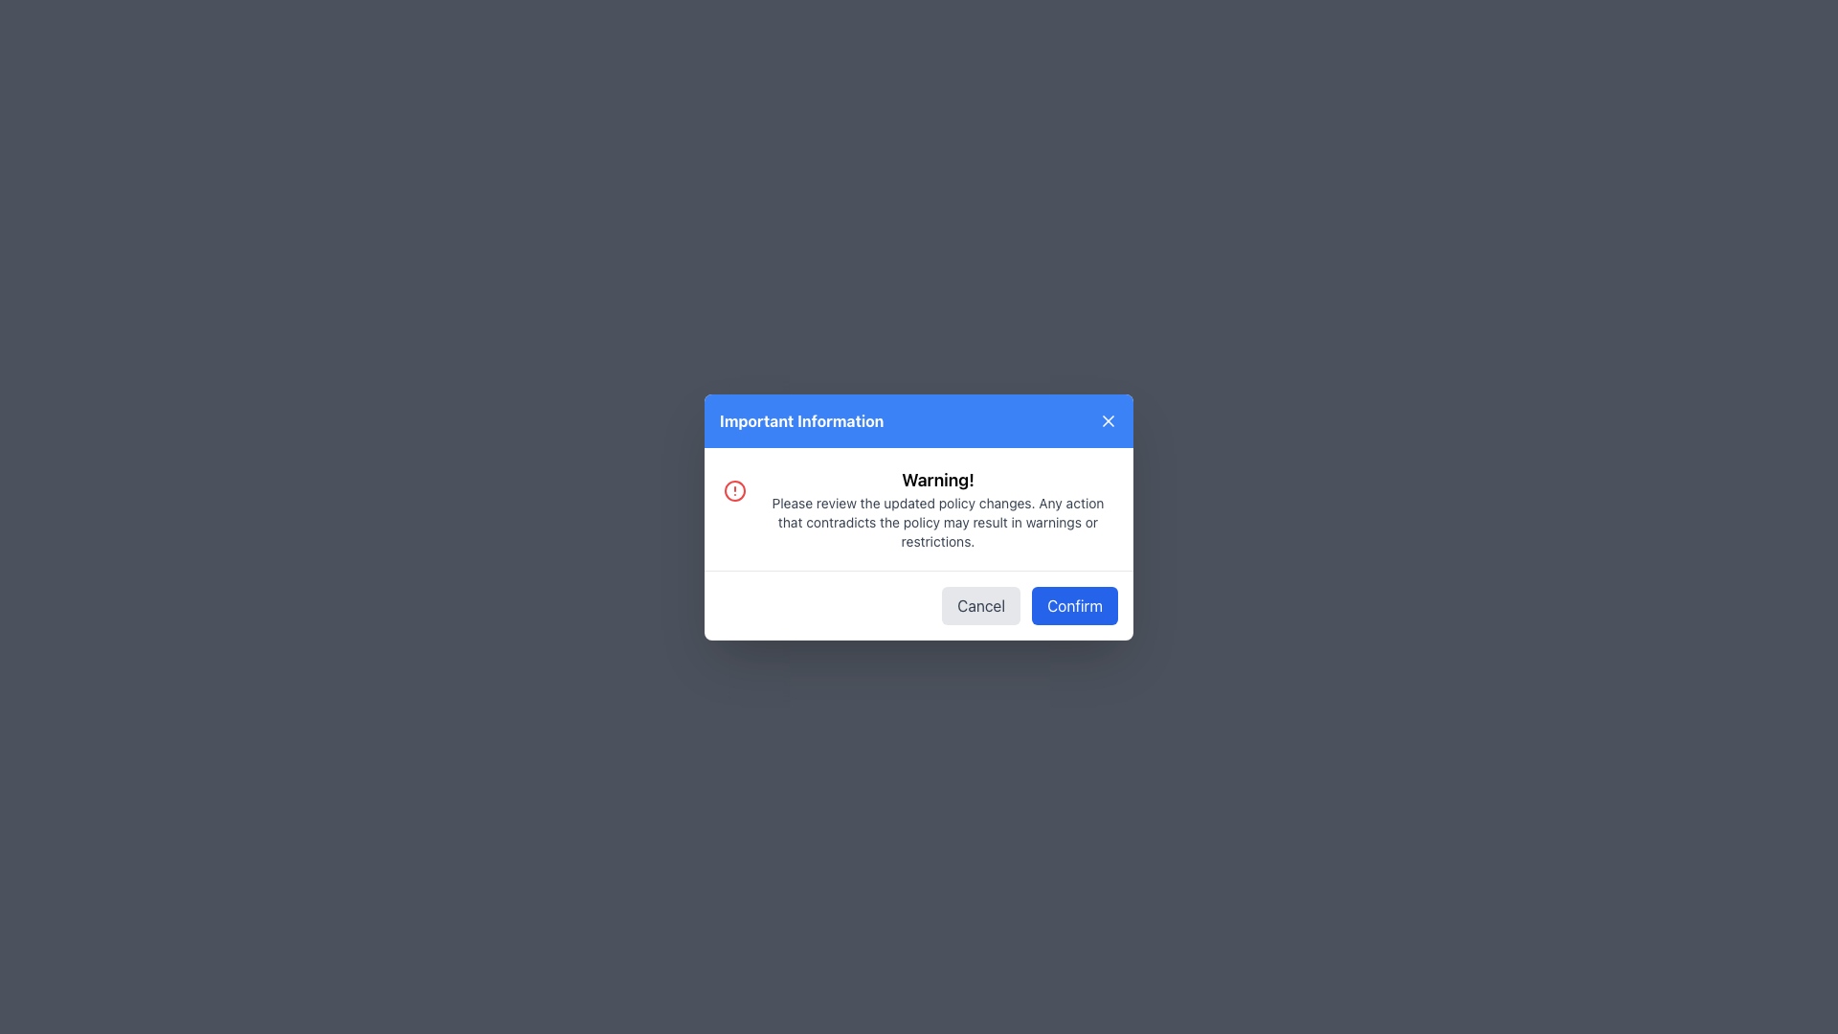  I want to click on multiline textual message explaining policy updates, located below the 'Warning!' header in the 'Important Information' dialog box, so click(937, 522).